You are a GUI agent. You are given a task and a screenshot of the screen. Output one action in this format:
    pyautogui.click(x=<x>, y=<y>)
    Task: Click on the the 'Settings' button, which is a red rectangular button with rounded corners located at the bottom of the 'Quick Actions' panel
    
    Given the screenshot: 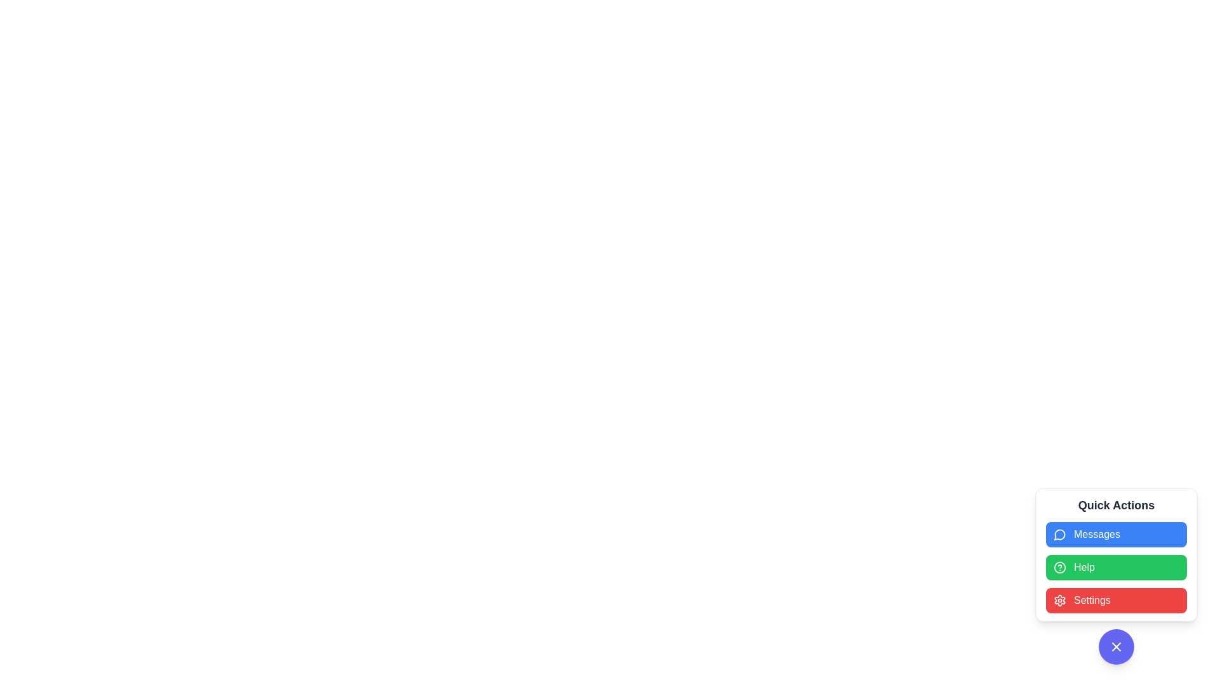 What is the action you would take?
    pyautogui.click(x=1116, y=600)
    